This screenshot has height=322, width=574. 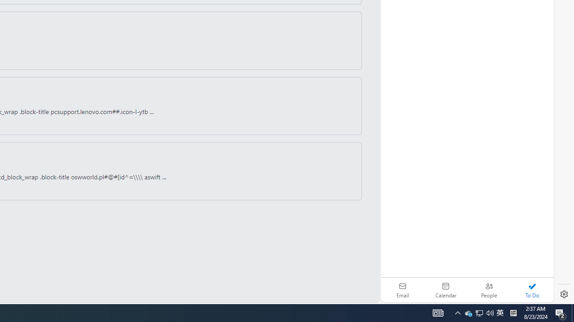 What do you see at coordinates (402, 290) in the screenshot?
I see `'Email'` at bounding box center [402, 290].